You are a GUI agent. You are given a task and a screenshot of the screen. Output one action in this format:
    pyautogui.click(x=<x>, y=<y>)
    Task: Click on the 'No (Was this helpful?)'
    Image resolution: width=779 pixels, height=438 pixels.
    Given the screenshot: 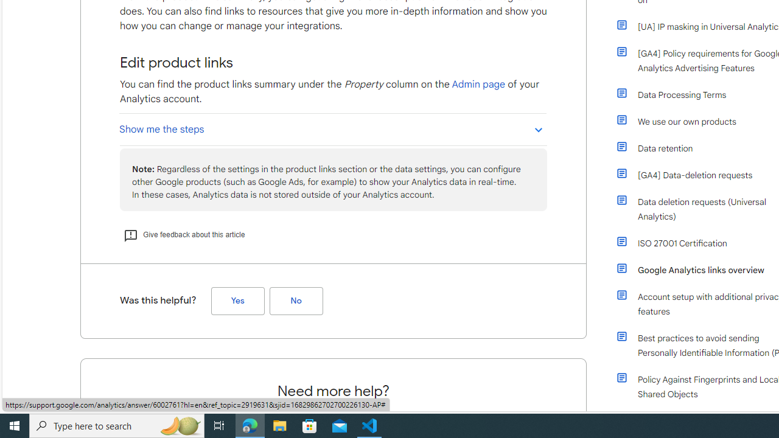 What is the action you would take?
    pyautogui.click(x=296, y=301)
    